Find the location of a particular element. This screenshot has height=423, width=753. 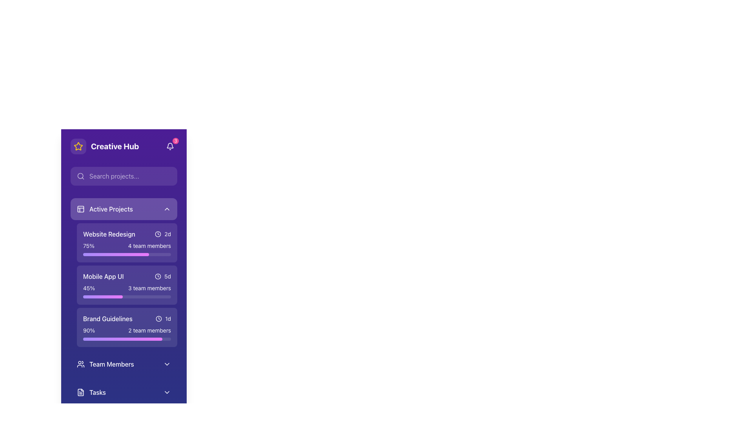

the 'Tasks' button located at the bottom-left section of the interface to prepare for keyboard interaction is located at coordinates (91, 392).